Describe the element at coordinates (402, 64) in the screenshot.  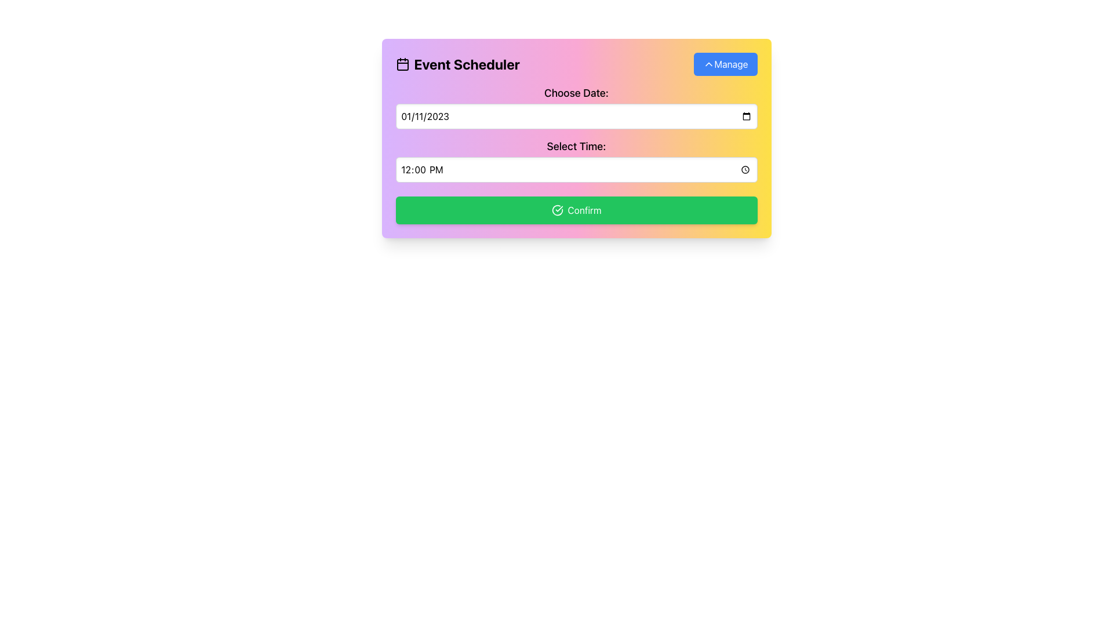
I see `the calendar icon located to the left of the 'Event Scheduler' text in the header section of the main application interface, which signifies the date and event management functionality` at that location.